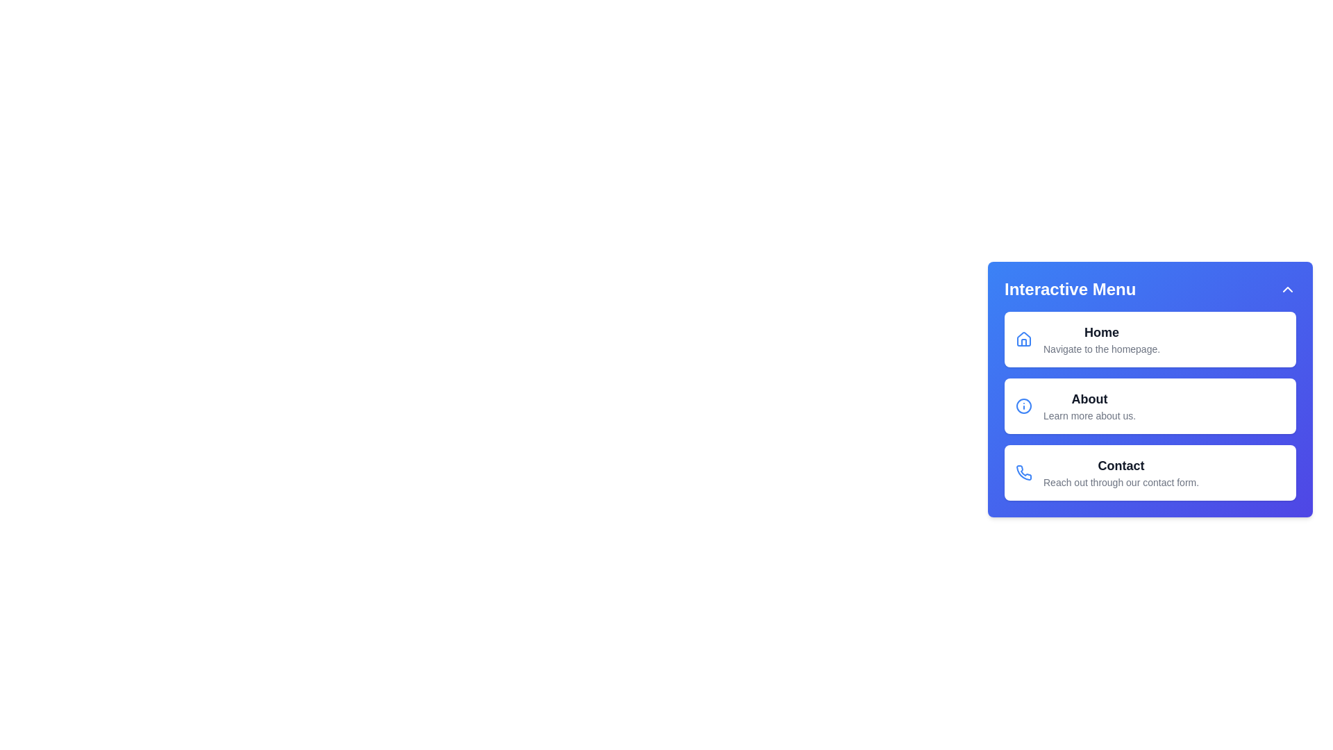 The height and width of the screenshot is (750, 1333). Describe the element at coordinates (1023, 472) in the screenshot. I see `the Contact icon to interact with it` at that location.